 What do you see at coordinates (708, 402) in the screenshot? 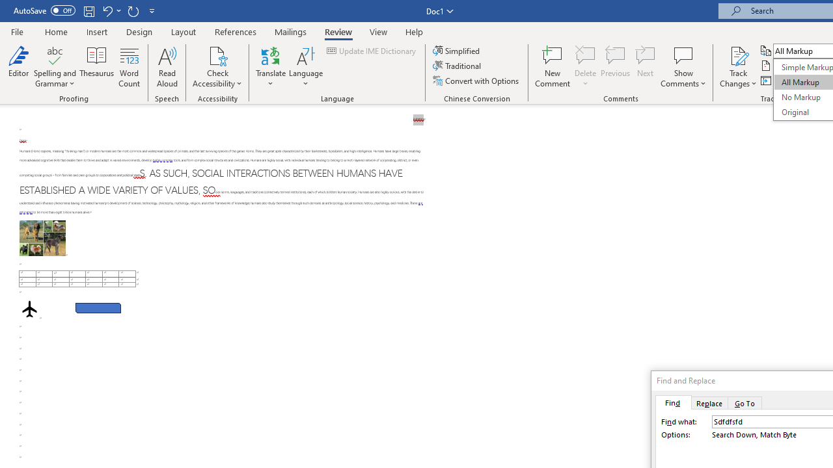
I see `'Replace'` at bounding box center [708, 402].